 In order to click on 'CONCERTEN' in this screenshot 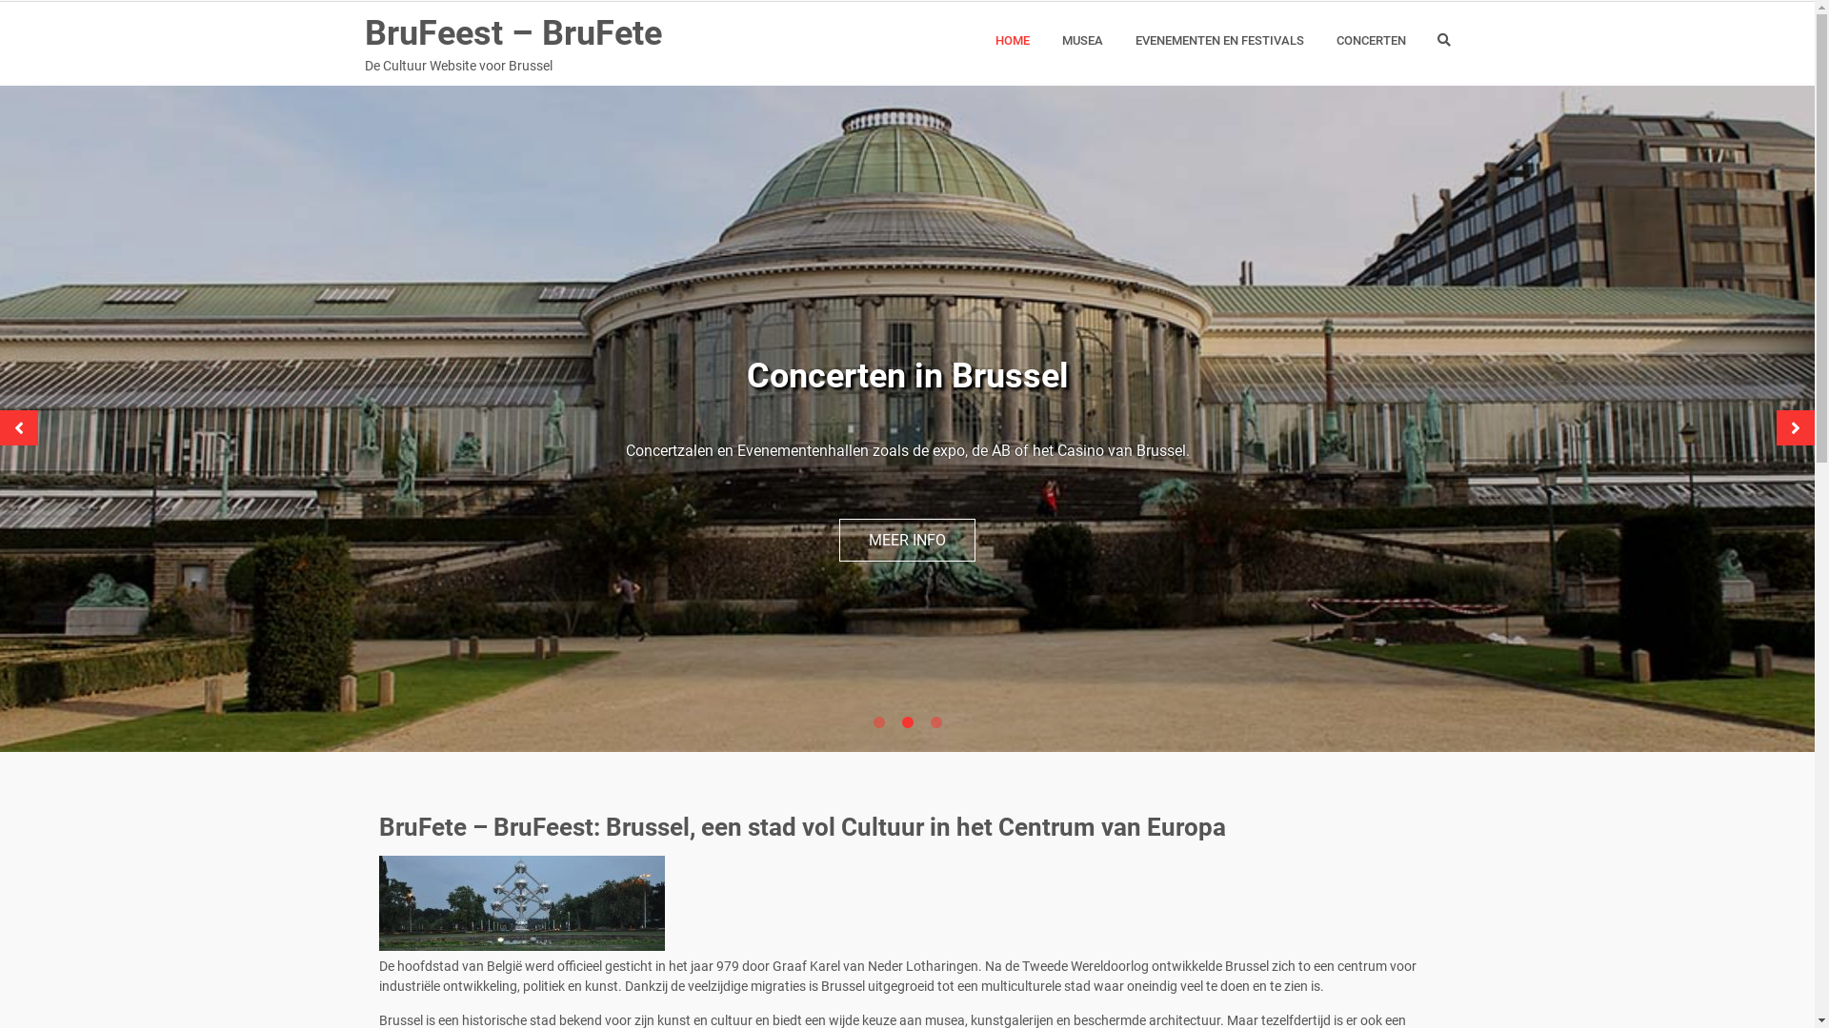, I will do `click(1369, 40)`.